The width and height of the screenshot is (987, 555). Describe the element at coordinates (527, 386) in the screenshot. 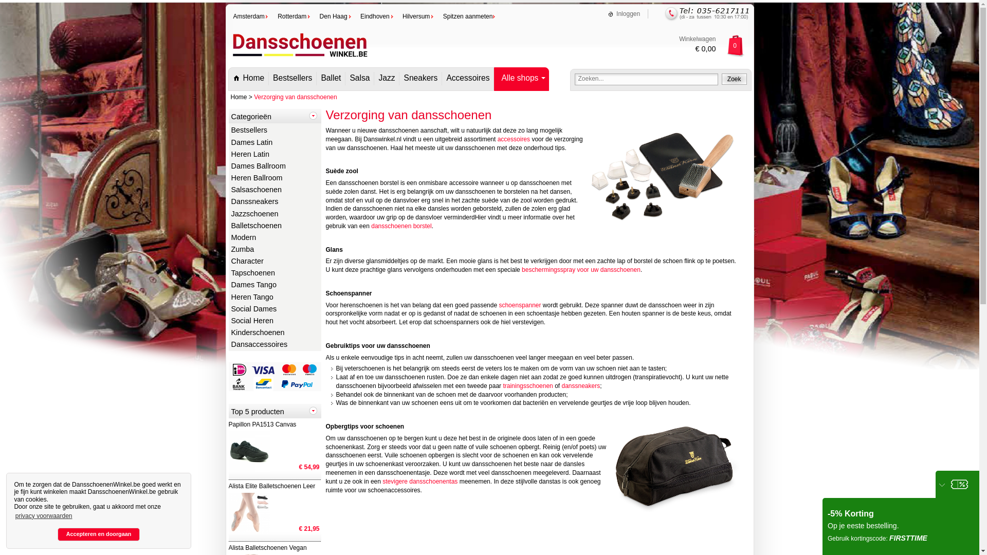

I see `'trainingsschoenen'` at that location.